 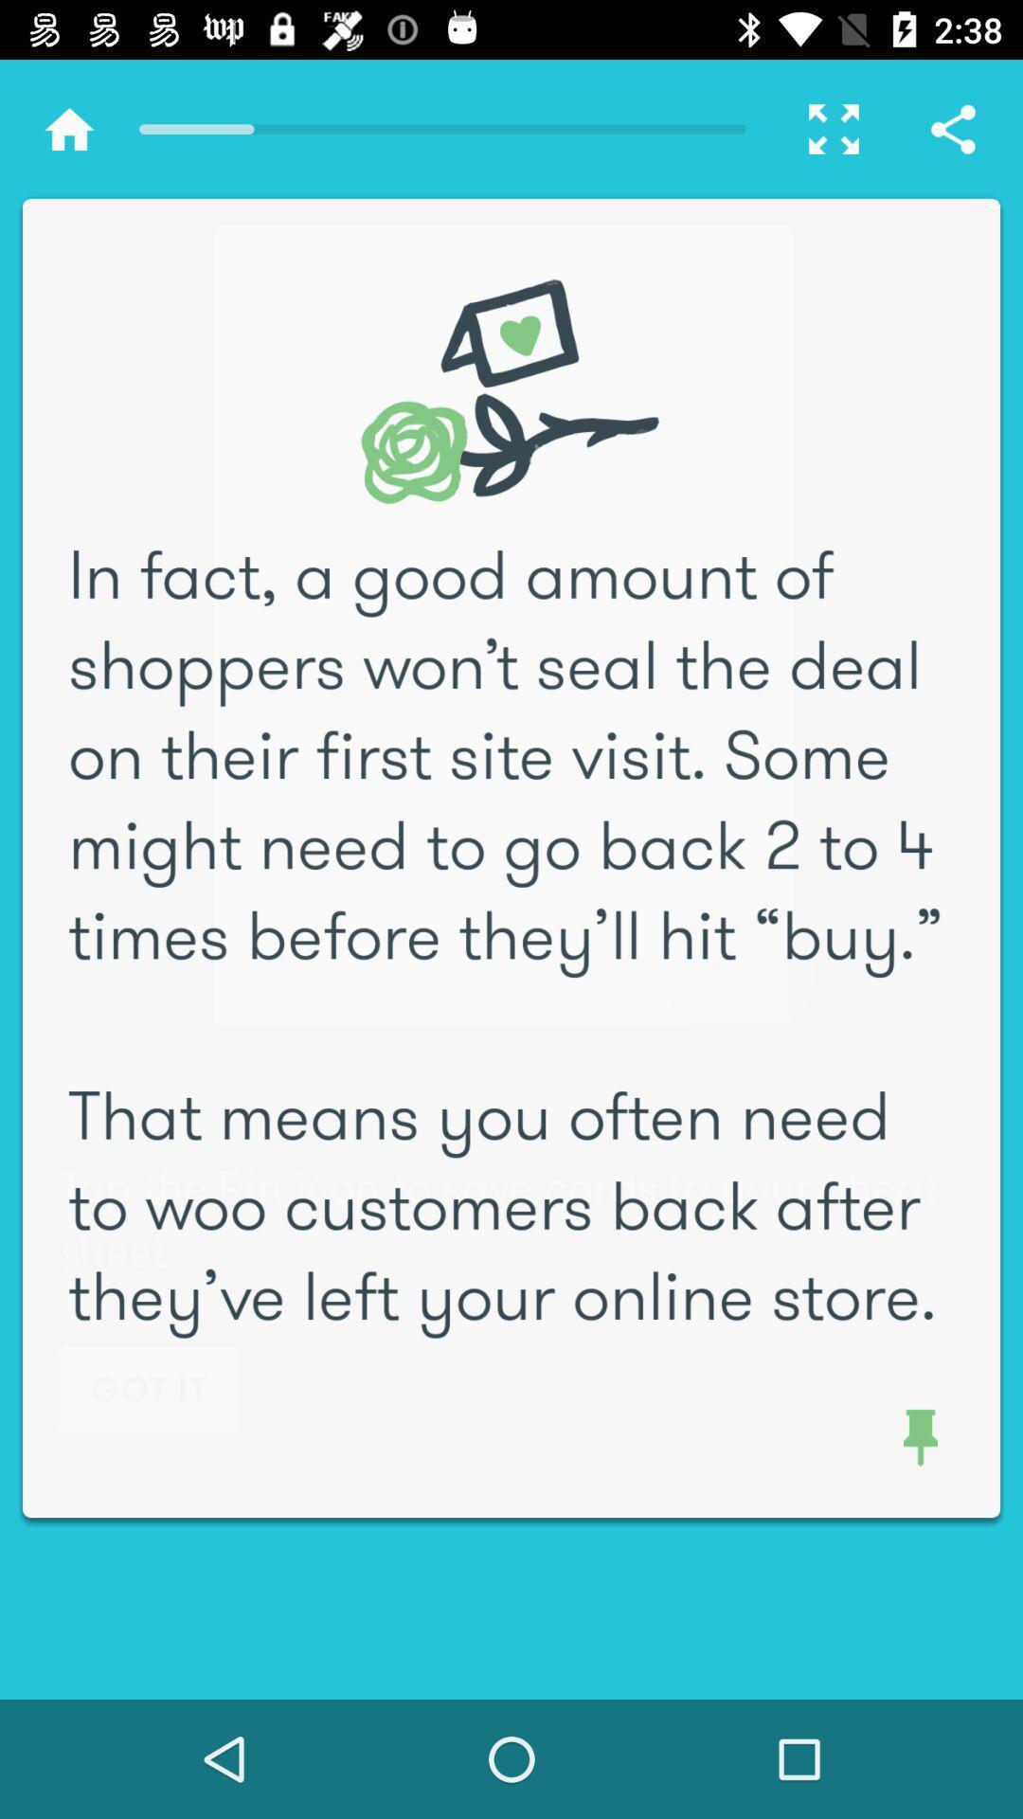 I want to click on the fullscreen icon, so click(x=823, y=128).